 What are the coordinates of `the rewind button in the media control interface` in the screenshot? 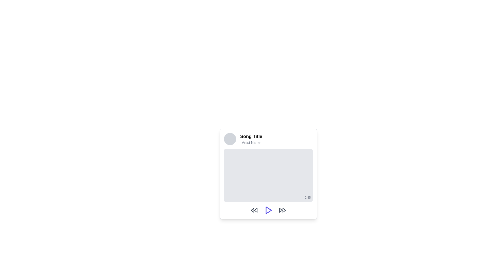 It's located at (254, 210).